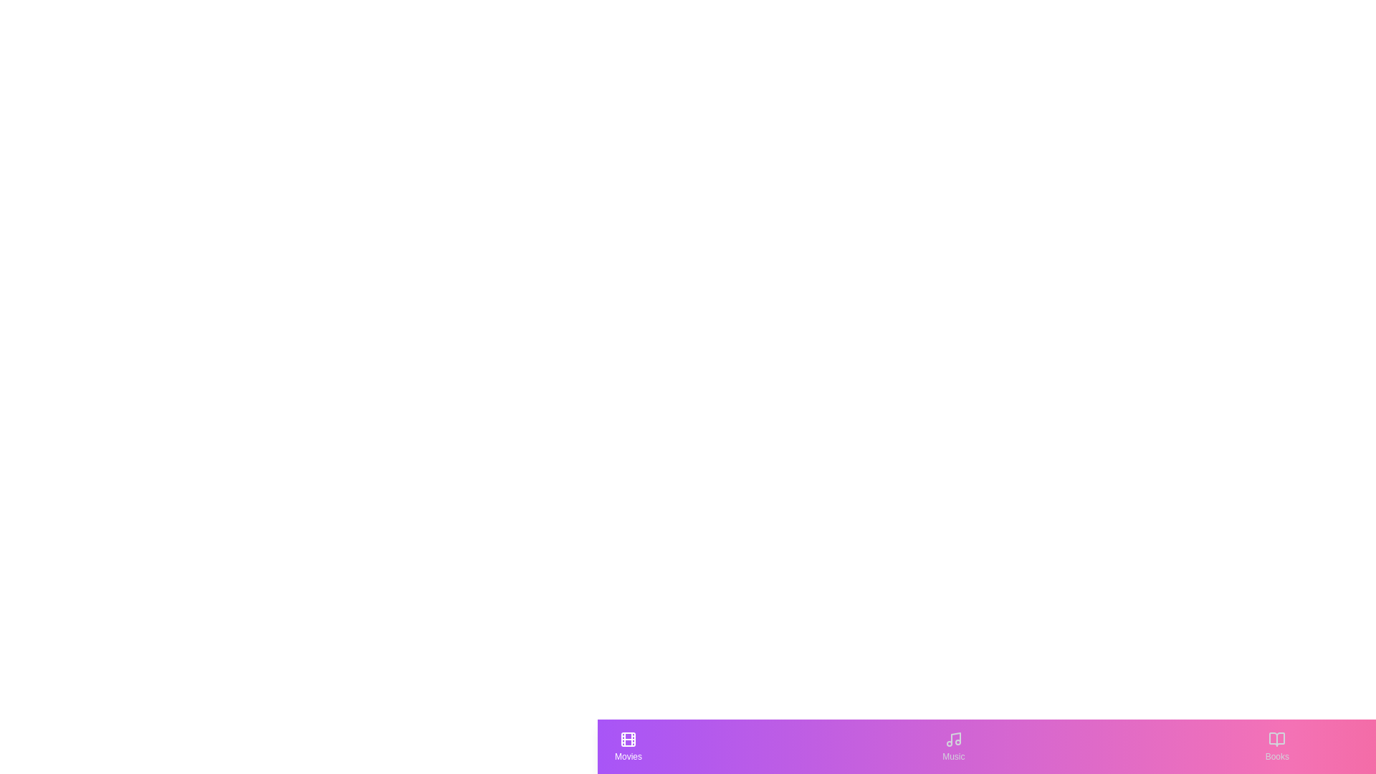 Image resolution: width=1376 pixels, height=774 pixels. Describe the element at coordinates (1276, 745) in the screenshot. I see `the Books tab to see its hover effect` at that location.